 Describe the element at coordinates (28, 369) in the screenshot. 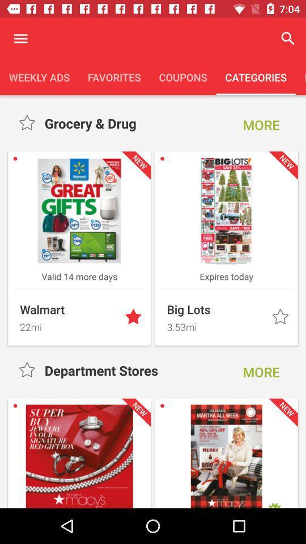

I see `highlight` at that location.